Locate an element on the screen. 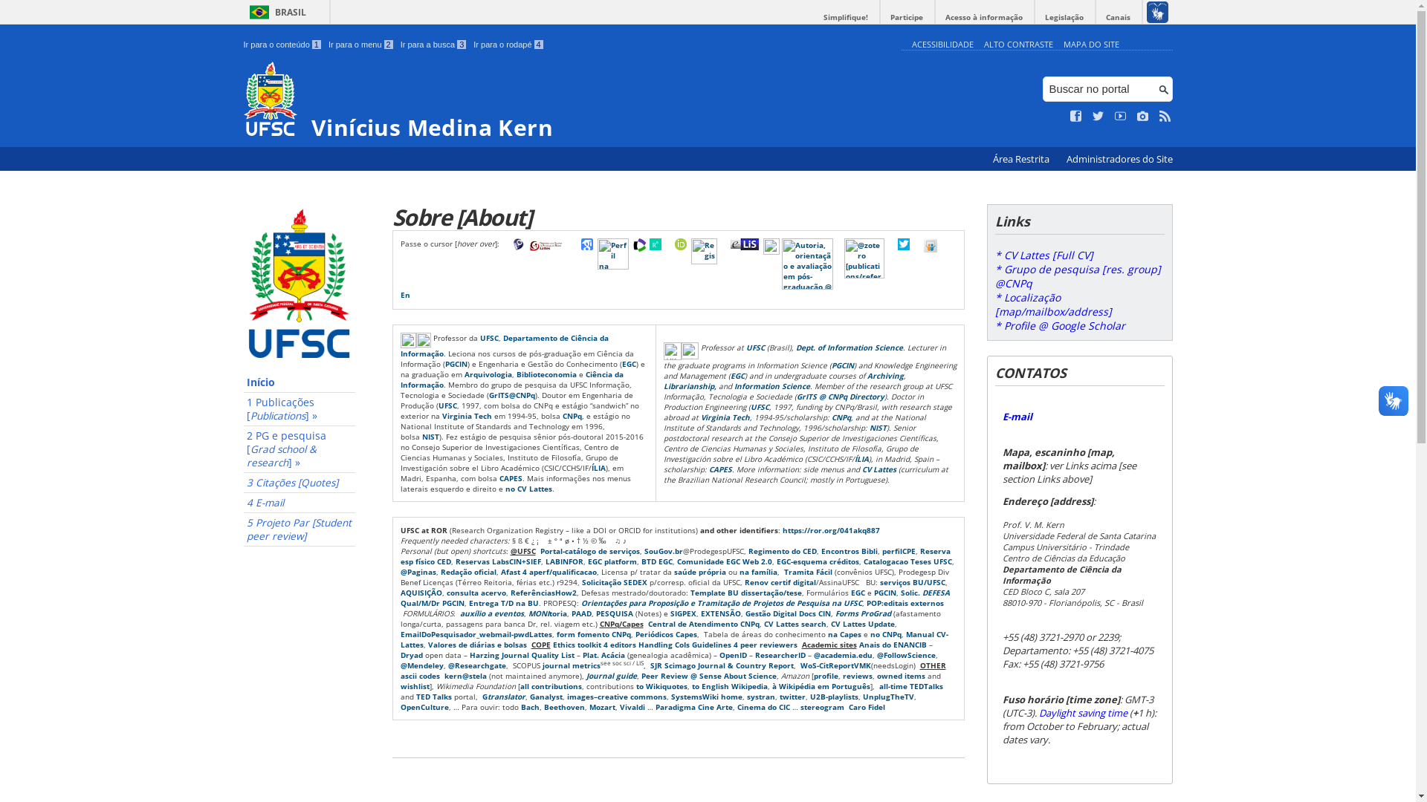 Image resolution: width=1427 pixels, height=802 pixels. 'Perfil na Web of Science [WoS profile]' is located at coordinates (640, 244).